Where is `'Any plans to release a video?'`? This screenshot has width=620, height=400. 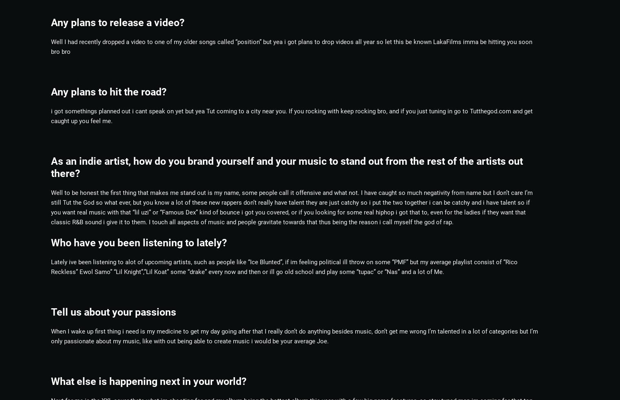 'Any plans to release a video?' is located at coordinates (117, 22).